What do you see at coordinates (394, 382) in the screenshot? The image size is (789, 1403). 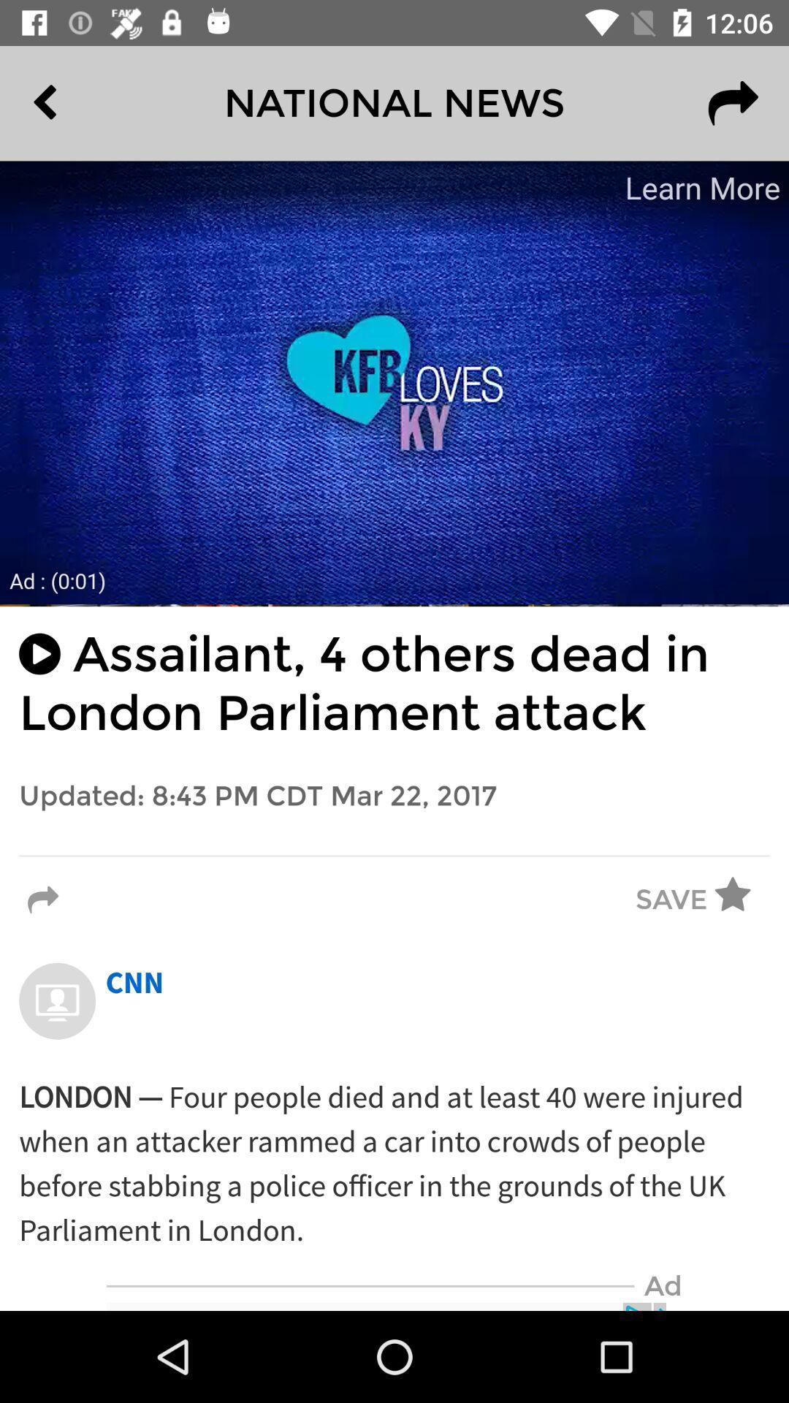 I see `advertisement` at bounding box center [394, 382].